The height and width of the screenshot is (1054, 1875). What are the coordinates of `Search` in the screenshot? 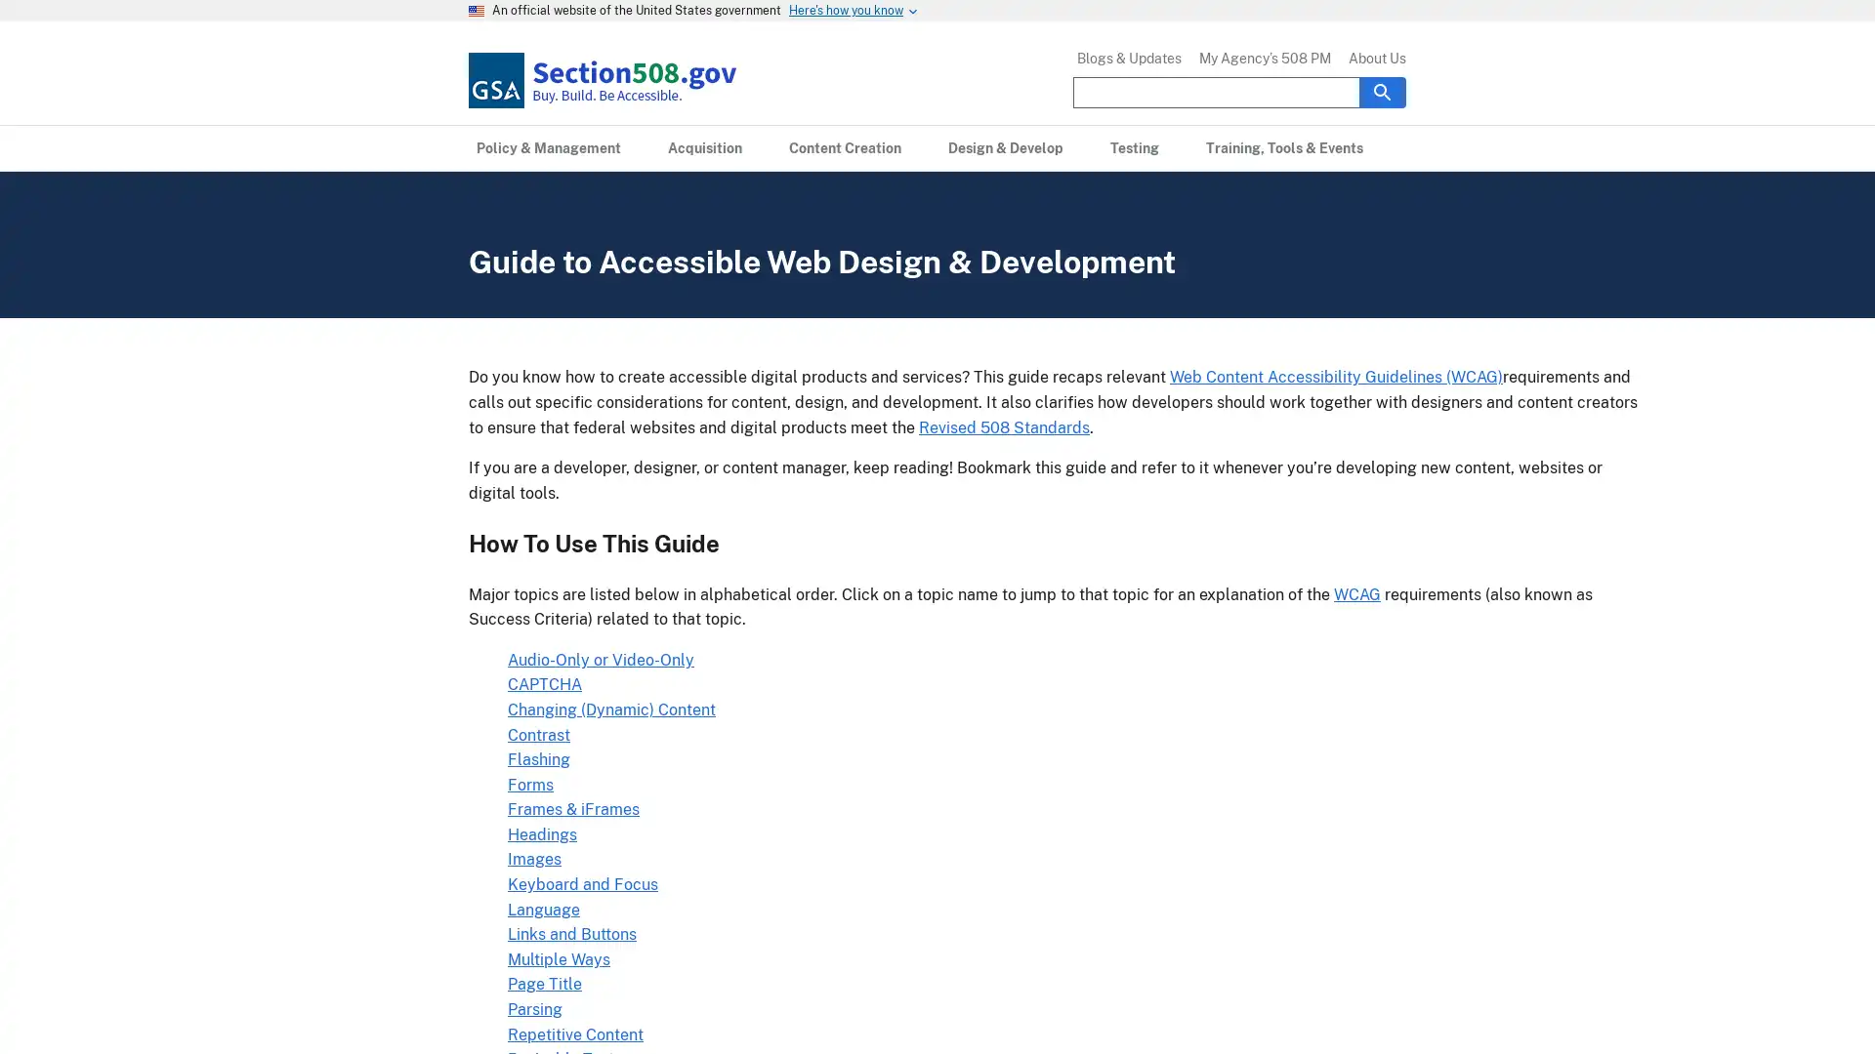 It's located at (1382, 91).